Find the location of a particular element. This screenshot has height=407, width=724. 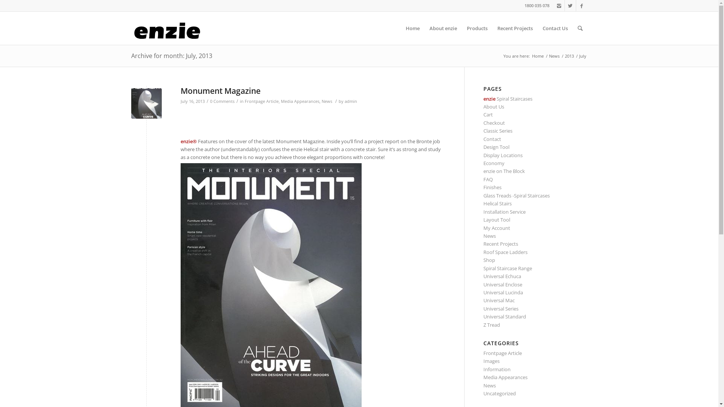

'Spiral Staircase Range' is located at coordinates (508, 268).